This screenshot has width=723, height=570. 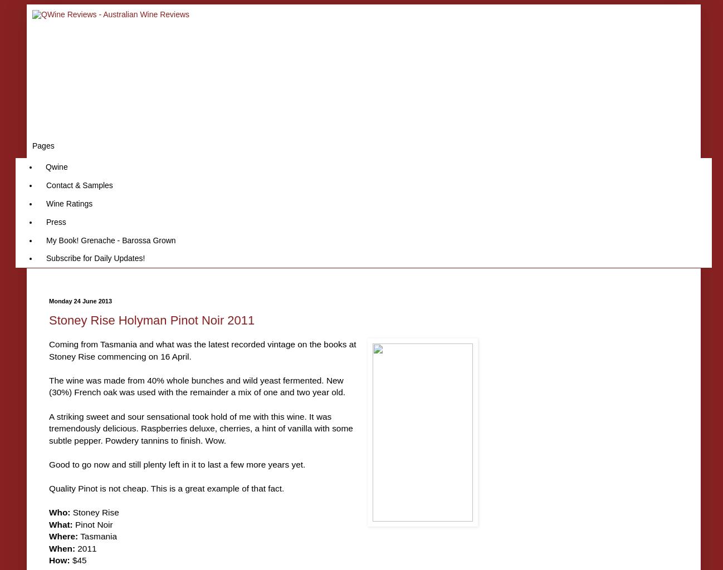 I want to click on 'Stoney Rise Holyman Pinot Noir 2011', so click(x=151, y=320).